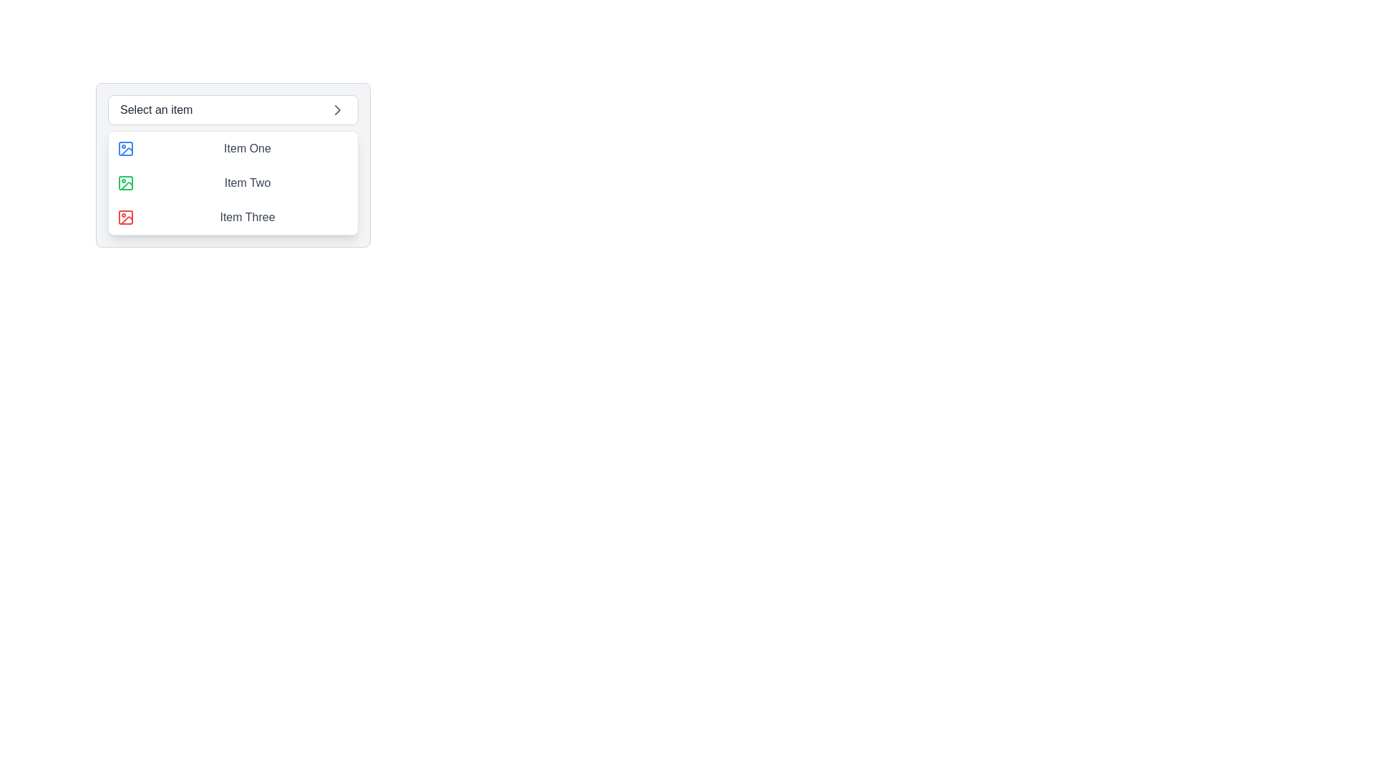  Describe the element at coordinates (233, 110) in the screenshot. I see `the Dropdown Trigger labeled 'Select an item' to toggle the dropdown options` at that location.